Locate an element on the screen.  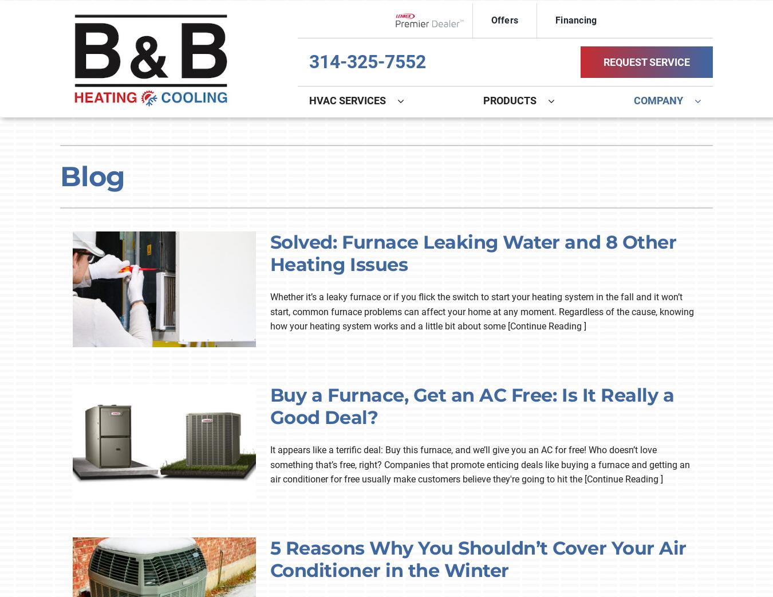
'Cooling' is located at coordinates (287, 136).